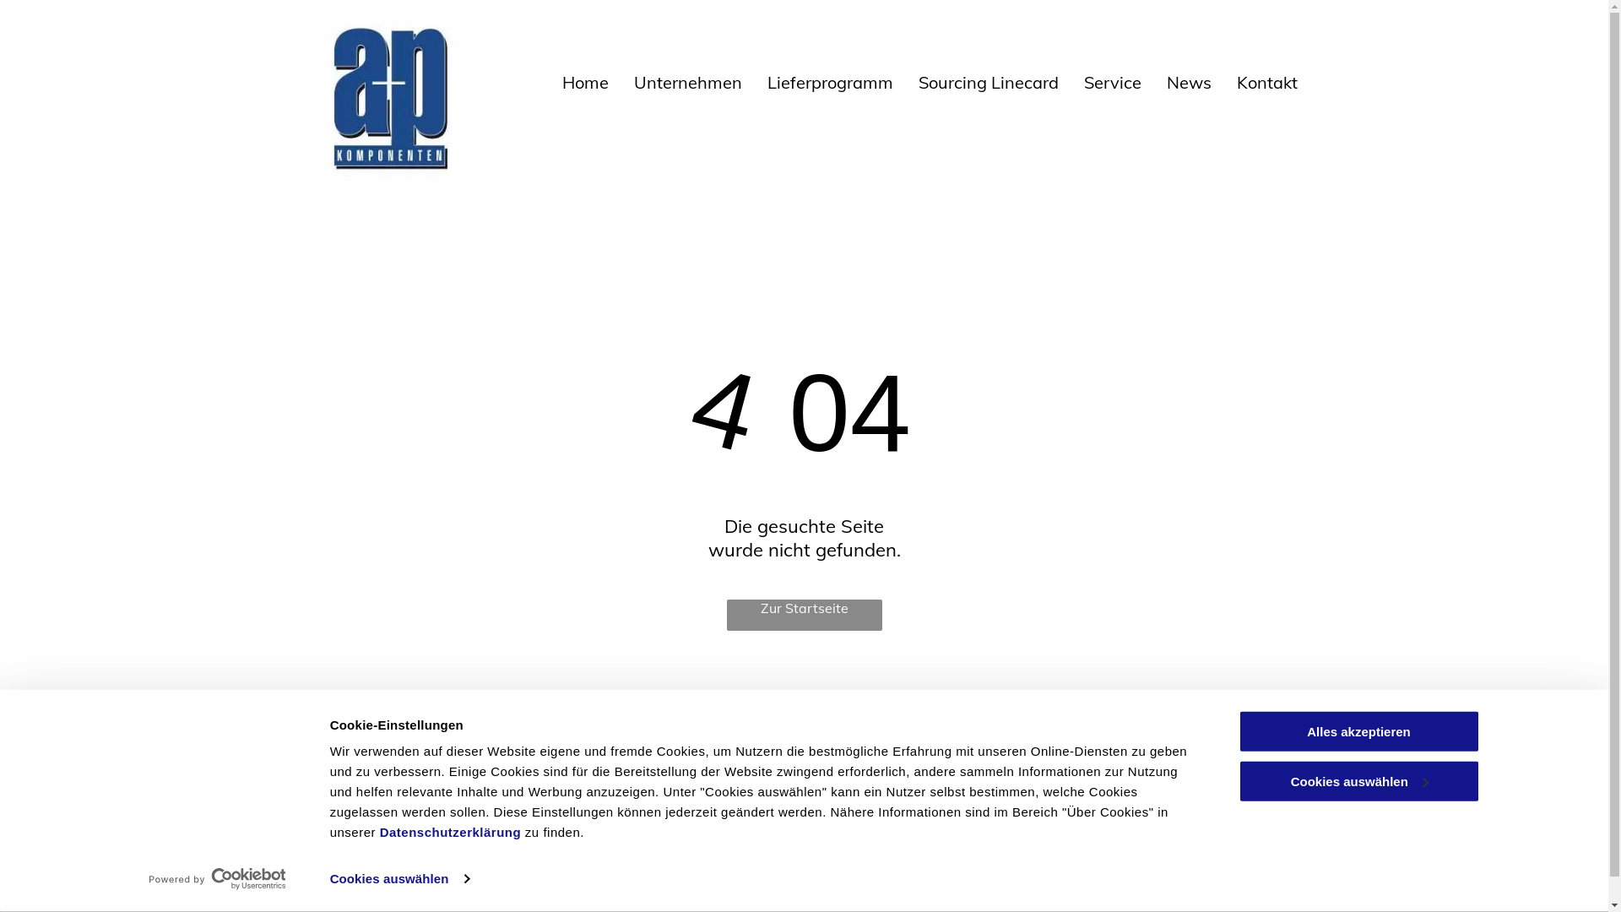  I want to click on 'Zur Startseite', so click(802, 615).